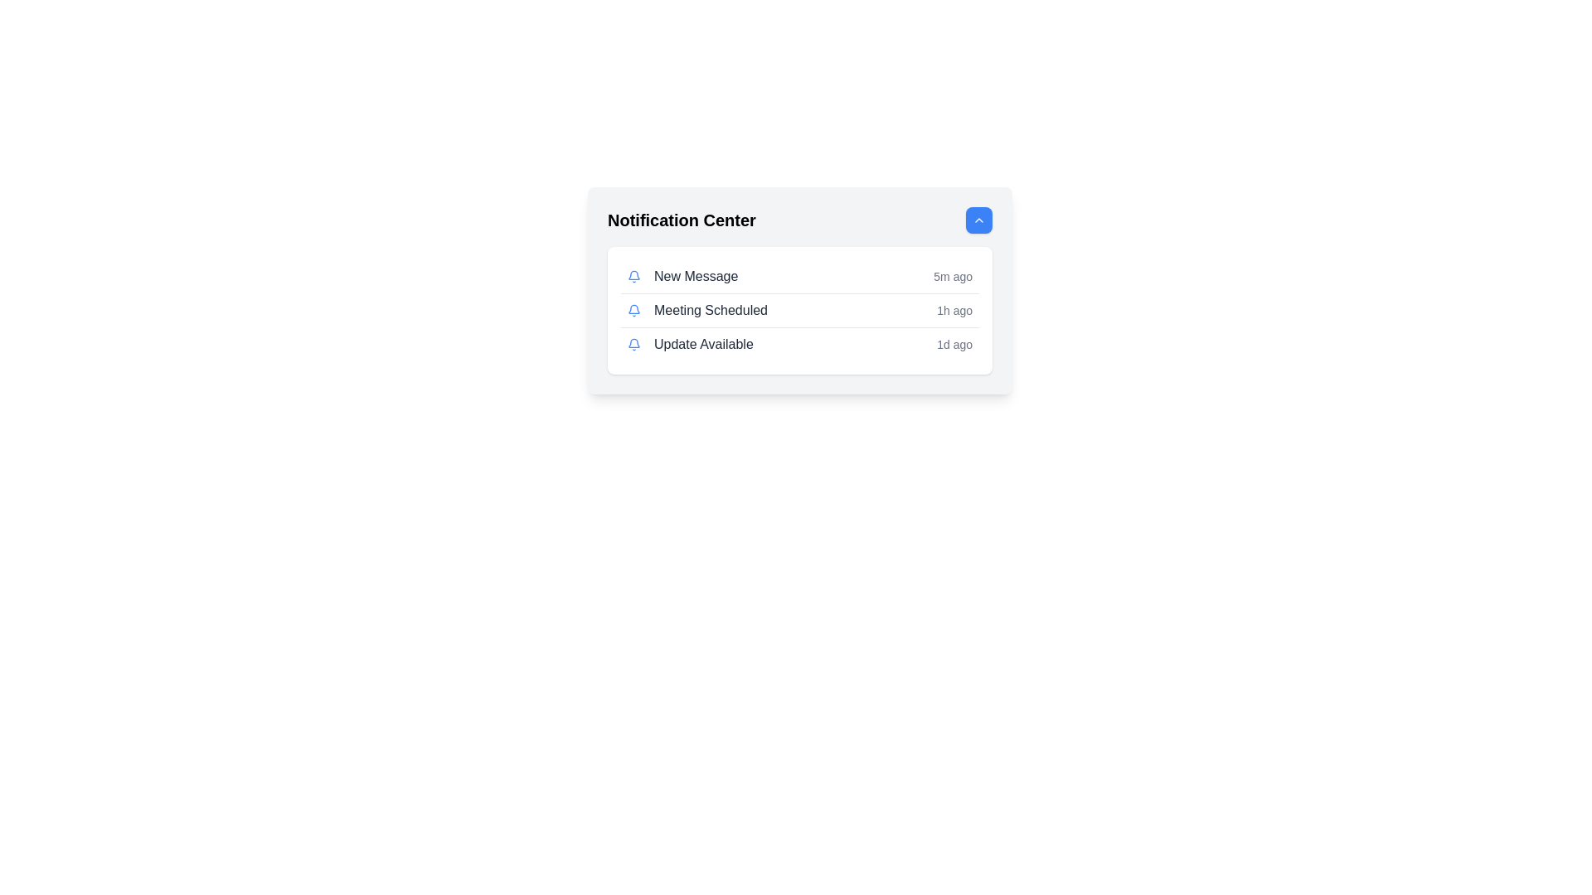 Image resolution: width=1592 pixels, height=895 pixels. Describe the element at coordinates (633, 310) in the screenshot. I see `the bell icon with a blue outline, located next to the text 'Meeting Scheduled' in the second row of the notification list` at that location.